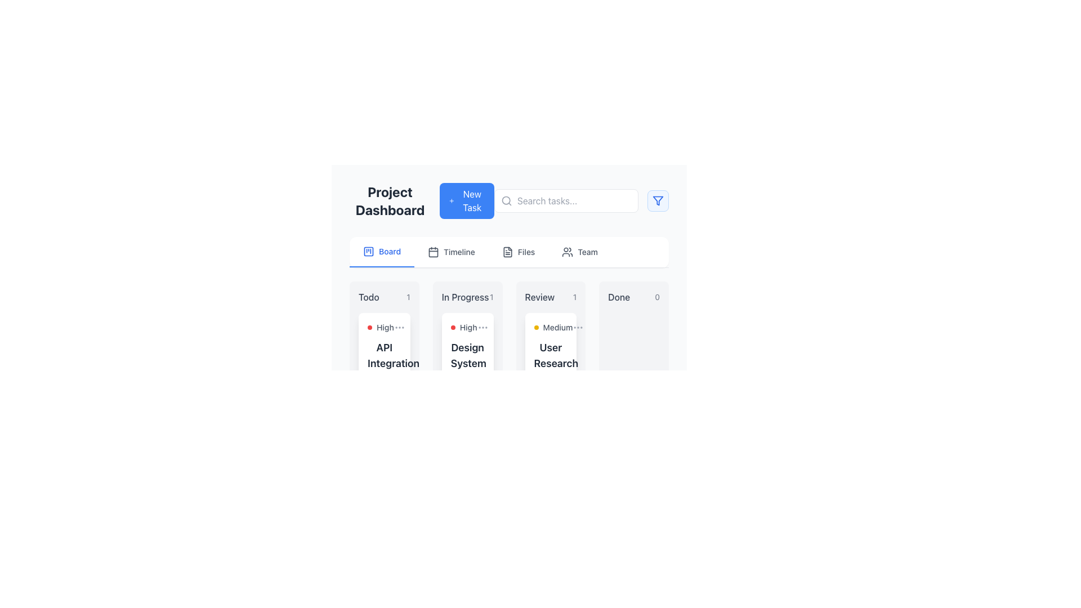 The width and height of the screenshot is (1081, 608). What do you see at coordinates (459, 251) in the screenshot?
I see `the 'Timeline' text label, which is styled with a medium font weight and gray color, located in the navigation bar adjacent to a calendar icon` at bounding box center [459, 251].